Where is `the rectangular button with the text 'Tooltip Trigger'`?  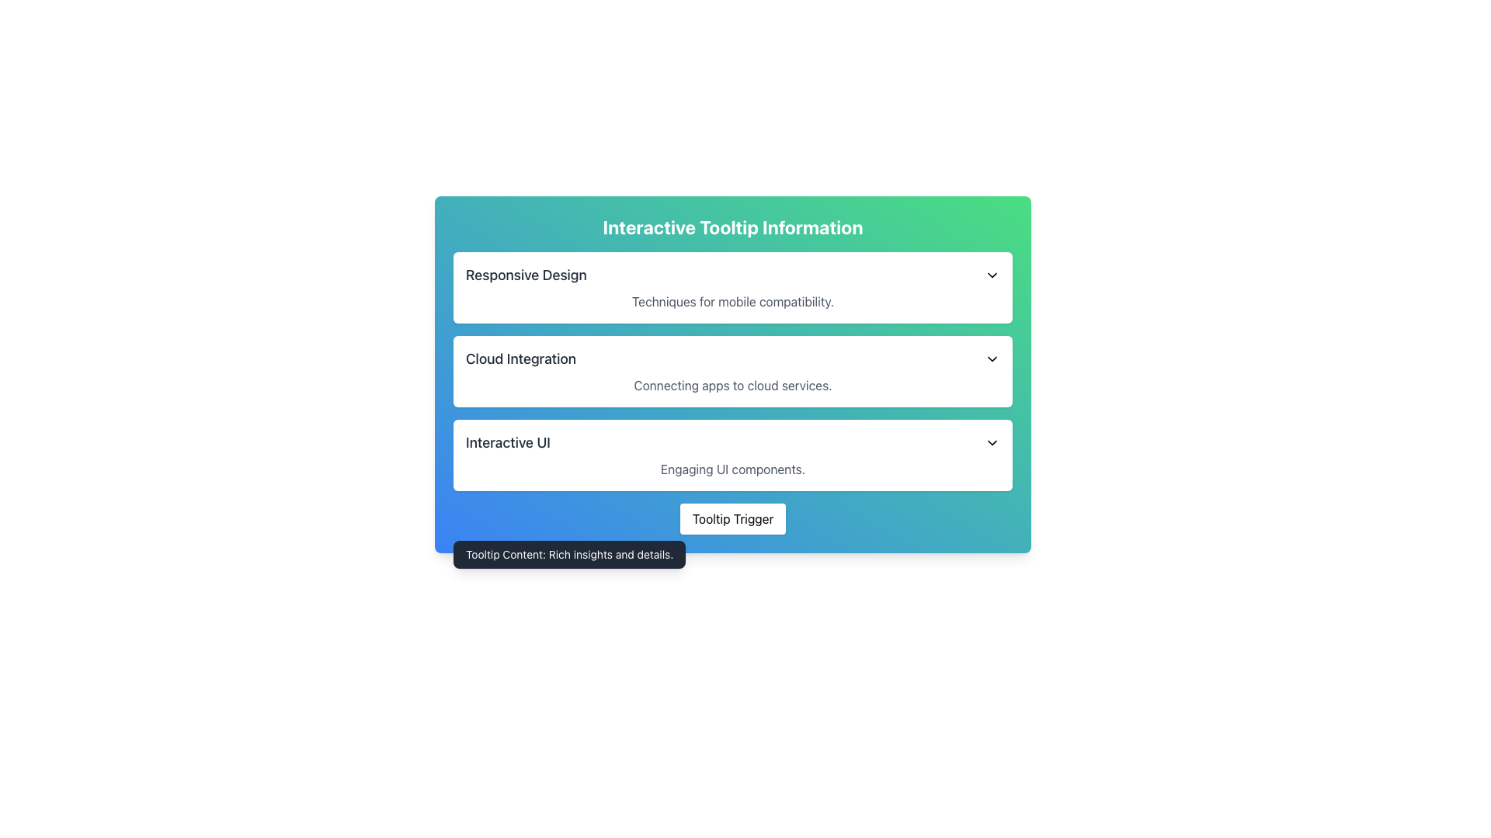
the rectangular button with the text 'Tooltip Trigger' is located at coordinates (732, 518).